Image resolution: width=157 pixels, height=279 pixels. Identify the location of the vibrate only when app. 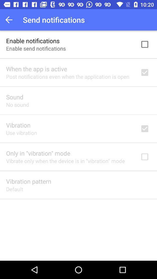
(65, 161).